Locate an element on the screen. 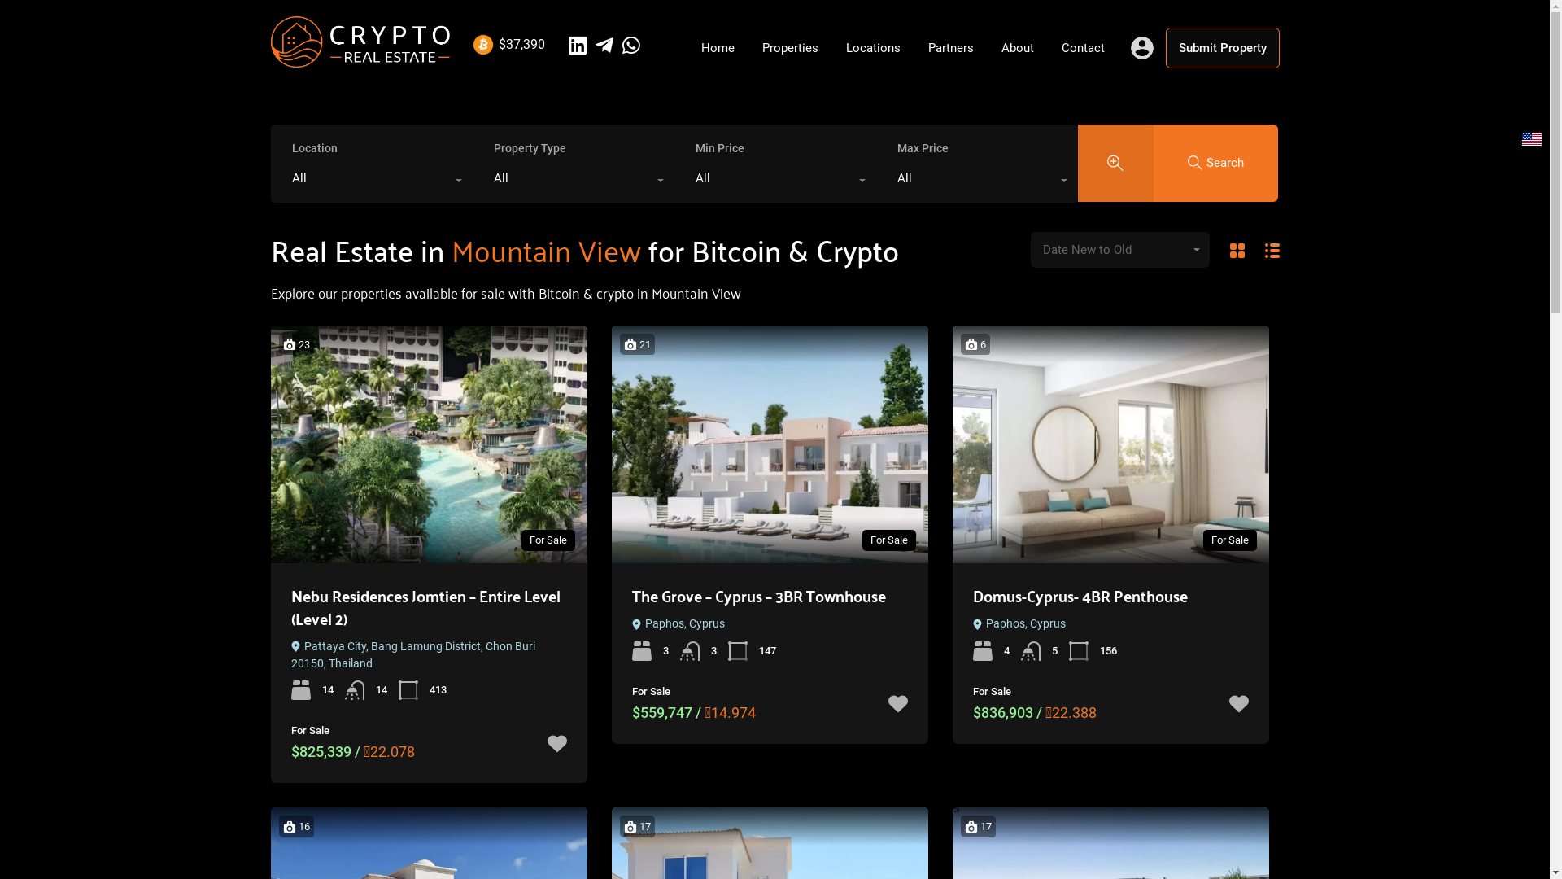  'Crypto Real Estate' is located at coordinates (269, 59).